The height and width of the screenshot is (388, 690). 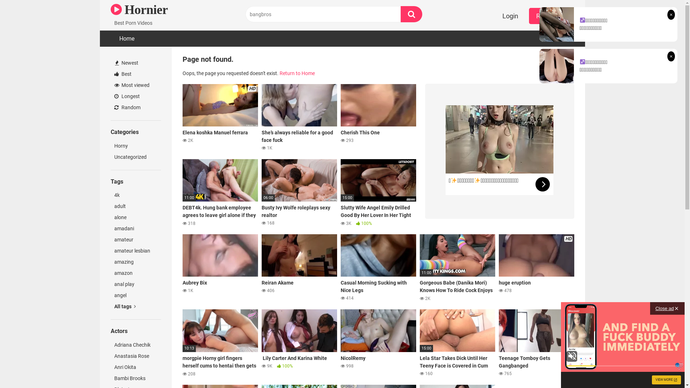 What do you see at coordinates (220, 268) in the screenshot?
I see `'Aubrey Bix` at bounding box center [220, 268].